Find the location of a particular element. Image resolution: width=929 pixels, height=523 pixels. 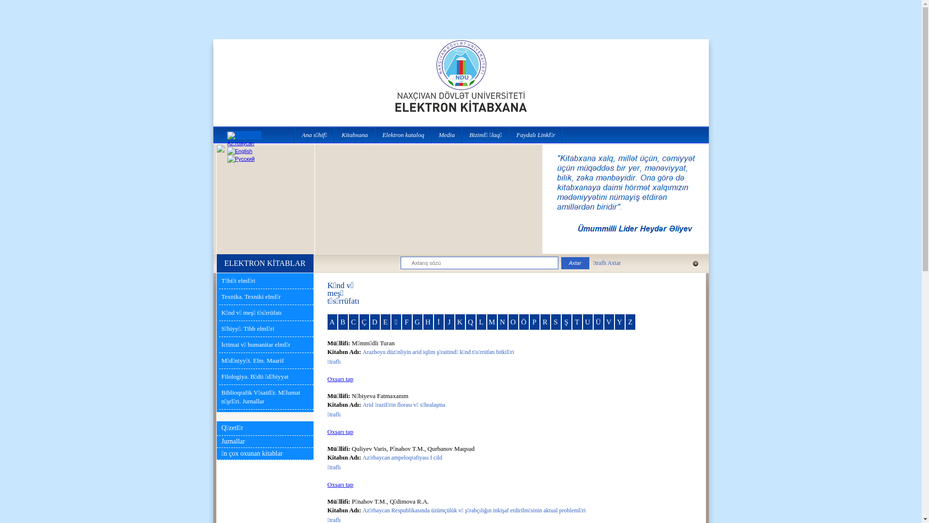

'A' is located at coordinates (332, 322).